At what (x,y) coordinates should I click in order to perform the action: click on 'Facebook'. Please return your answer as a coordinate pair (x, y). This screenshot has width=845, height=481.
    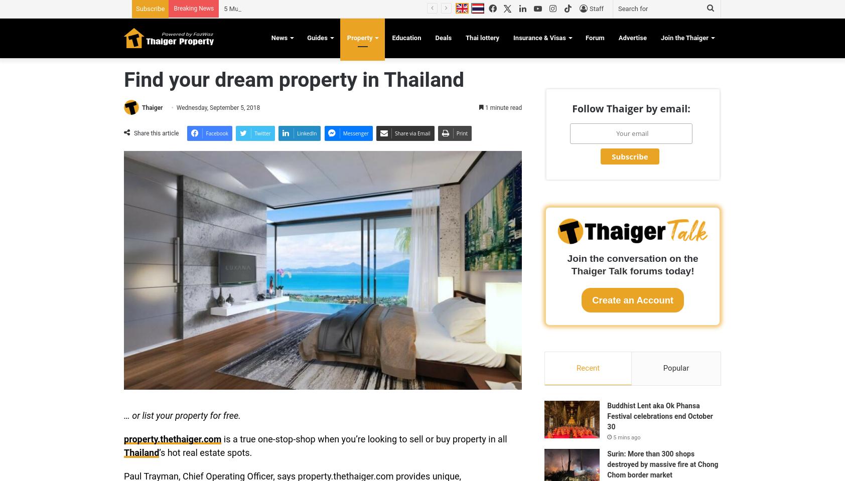
    Looking at the image, I should click on (206, 132).